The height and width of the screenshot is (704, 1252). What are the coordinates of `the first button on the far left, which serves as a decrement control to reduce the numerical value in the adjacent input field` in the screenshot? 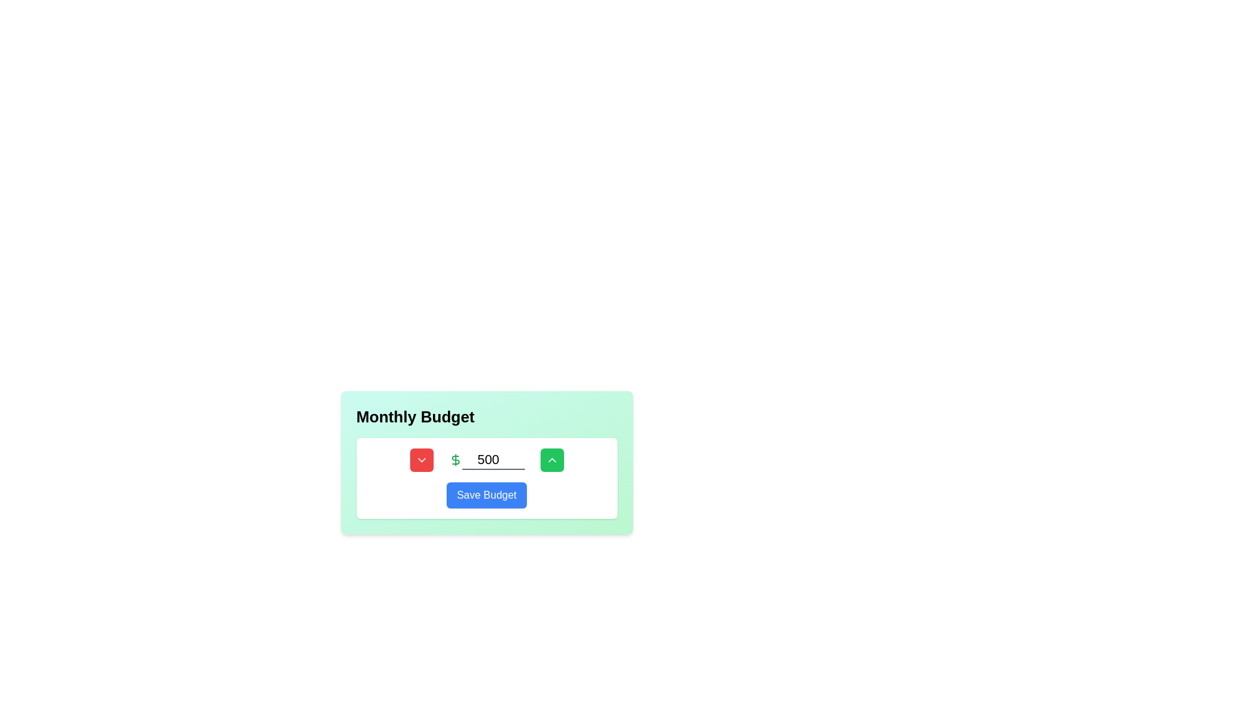 It's located at (421, 459).